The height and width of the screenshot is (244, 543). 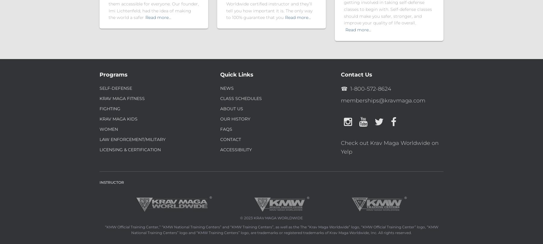 What do you see at coordinates (130, 149) in the screenshot?
I see `'Licensing & Certification'` at bounding box center [130, 149].